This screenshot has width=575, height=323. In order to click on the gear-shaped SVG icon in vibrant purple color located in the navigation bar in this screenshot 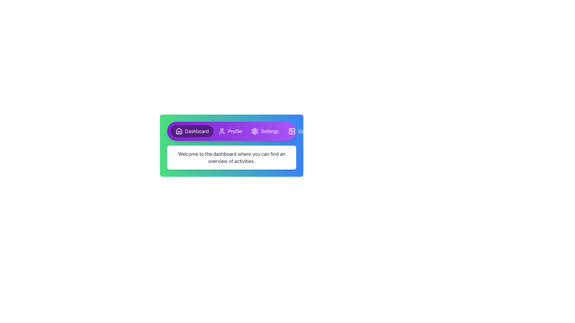, I will do `click(255, 131)`.